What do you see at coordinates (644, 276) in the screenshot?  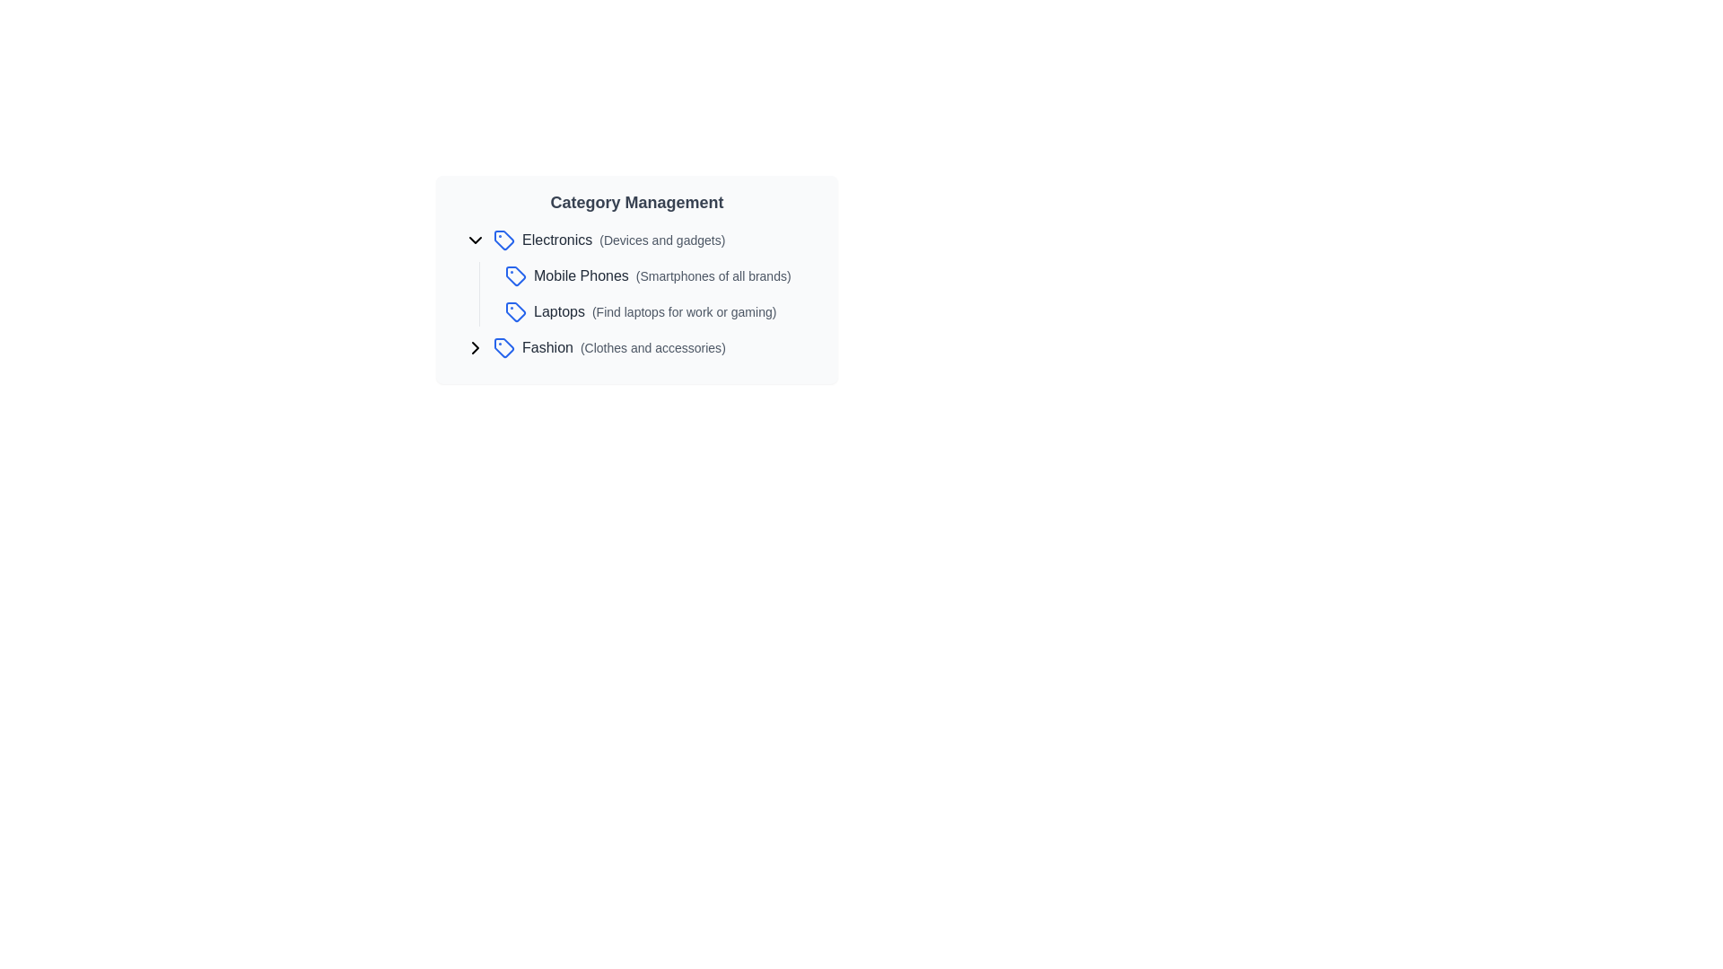 I see `the list item describing 'Mobile Phones (Smartphones of all brands)'` at bounding box center [644, 276].